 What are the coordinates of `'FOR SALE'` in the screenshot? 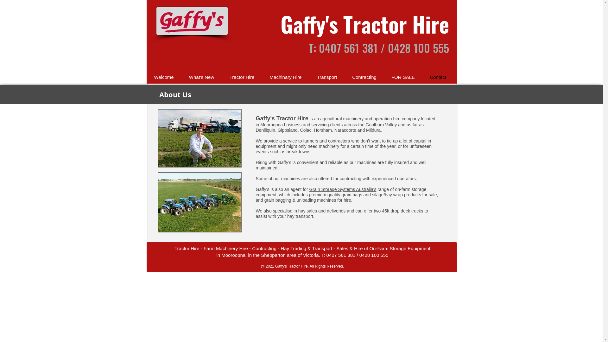 It's located at (402, 77).